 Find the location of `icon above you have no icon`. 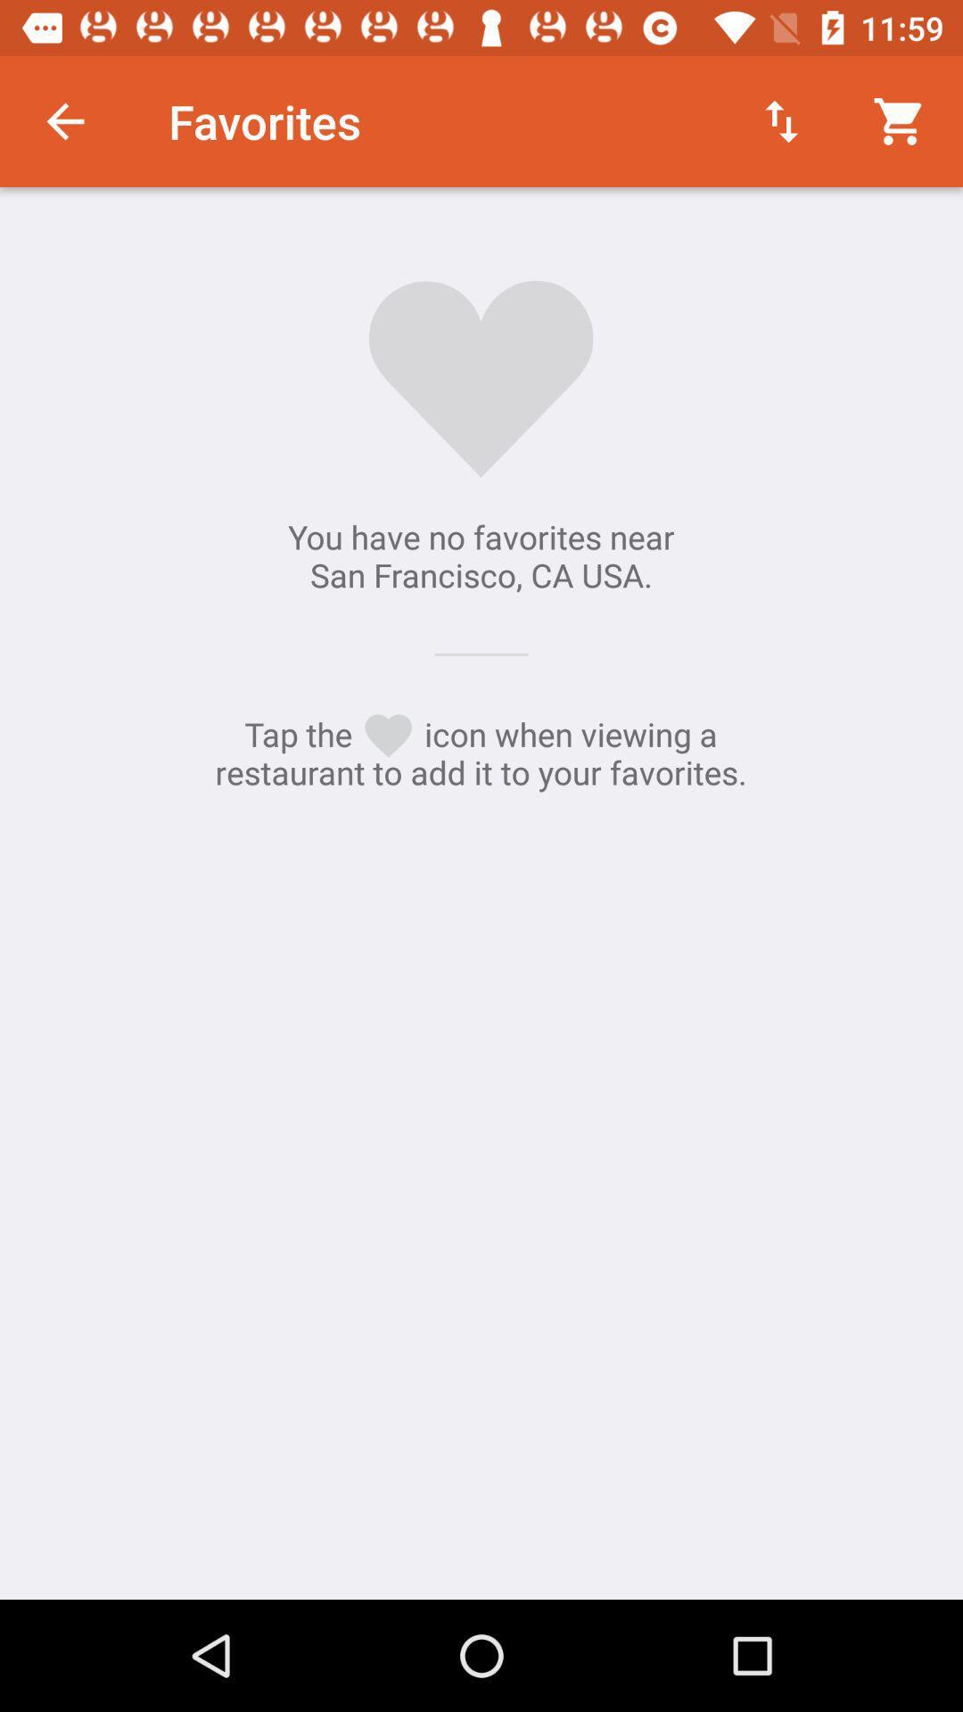

icon above you have no icon is located at coordinates (64, 120).